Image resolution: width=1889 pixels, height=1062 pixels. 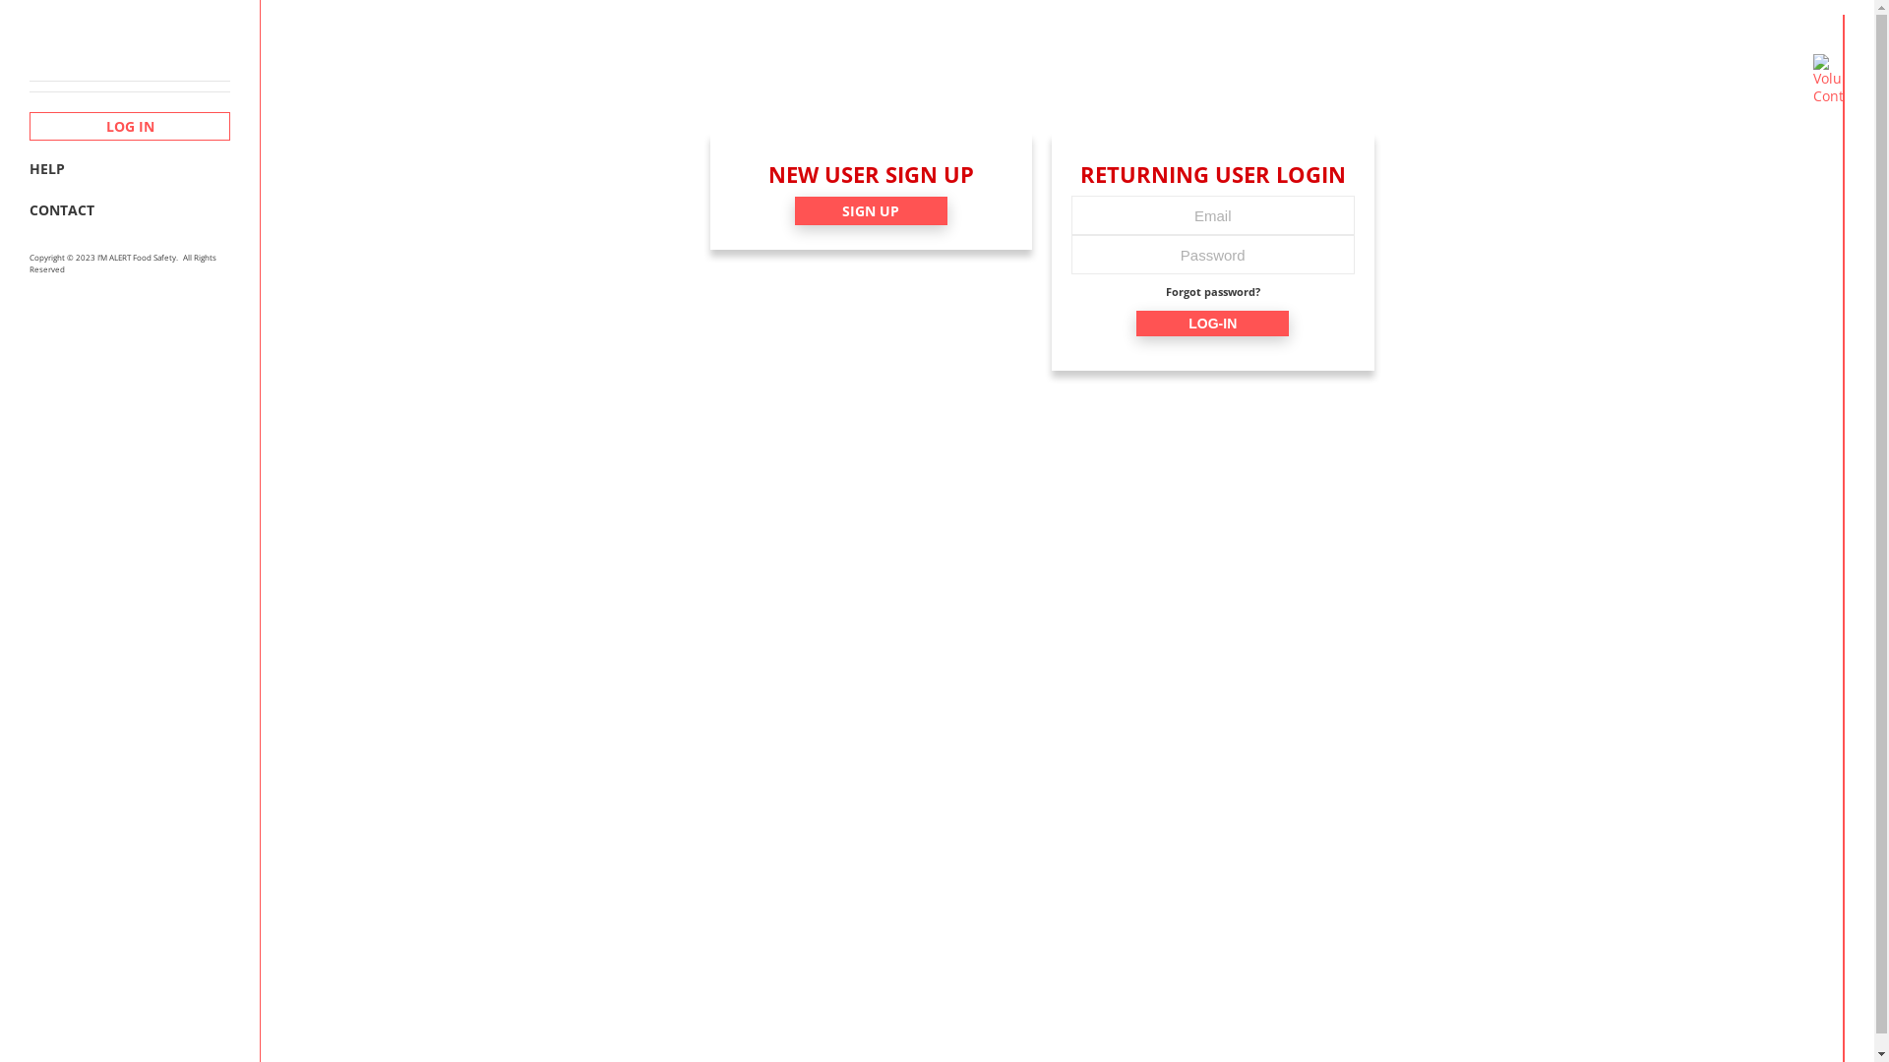 What do you see at coordinates (1166, 292) in the screenshot?
I see `'Forgot password?'` at bounding box center [1166, 292].